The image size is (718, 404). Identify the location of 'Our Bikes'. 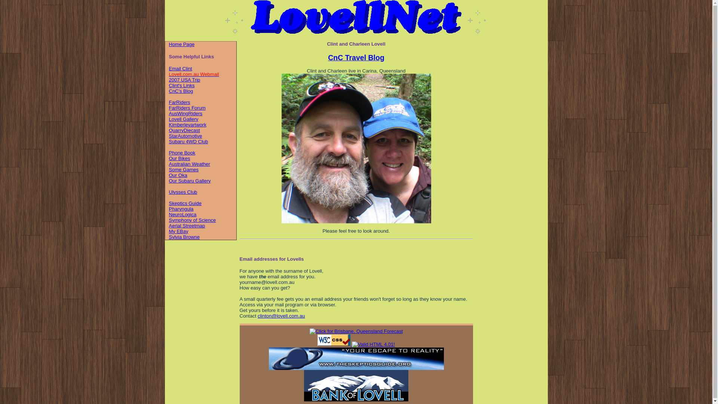
(179, 158).